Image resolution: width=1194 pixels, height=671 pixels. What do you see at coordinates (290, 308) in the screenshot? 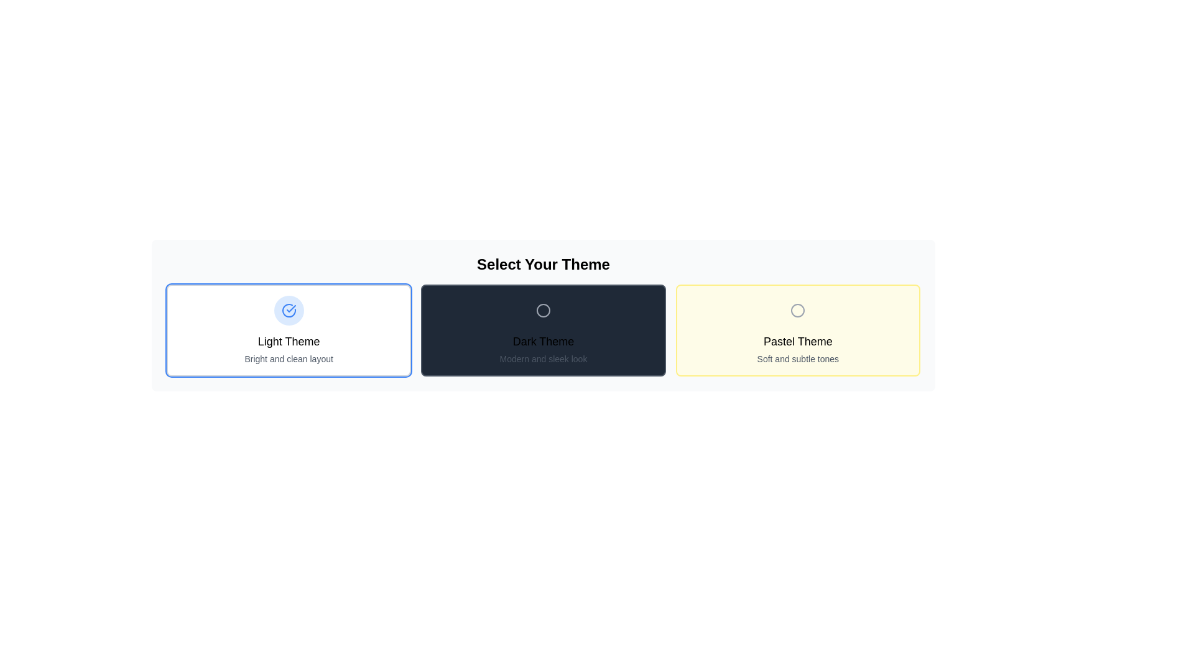
I see `the checkmark within the circular icon in the 'Light Theme' selectable card` at bounding box center [290, 308].